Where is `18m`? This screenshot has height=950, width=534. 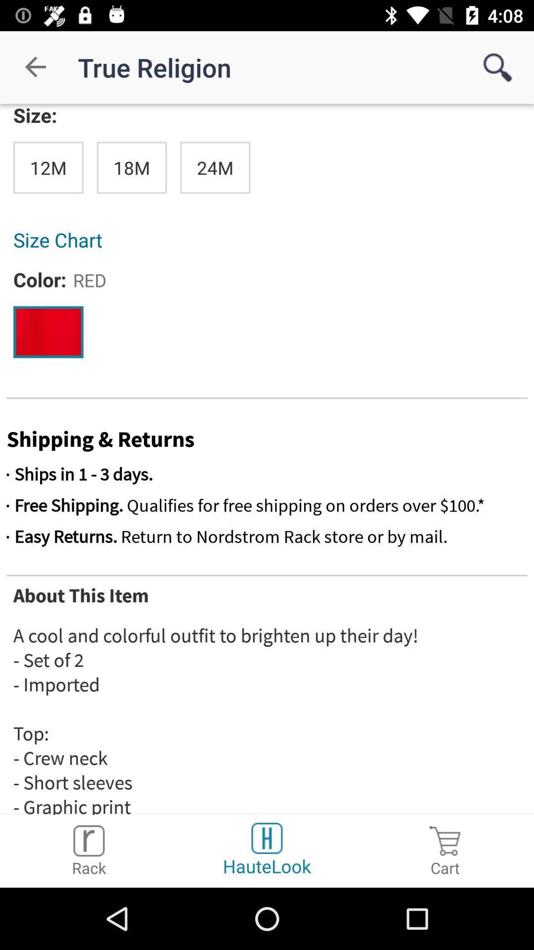 18m is located at coordinates (131, 168).